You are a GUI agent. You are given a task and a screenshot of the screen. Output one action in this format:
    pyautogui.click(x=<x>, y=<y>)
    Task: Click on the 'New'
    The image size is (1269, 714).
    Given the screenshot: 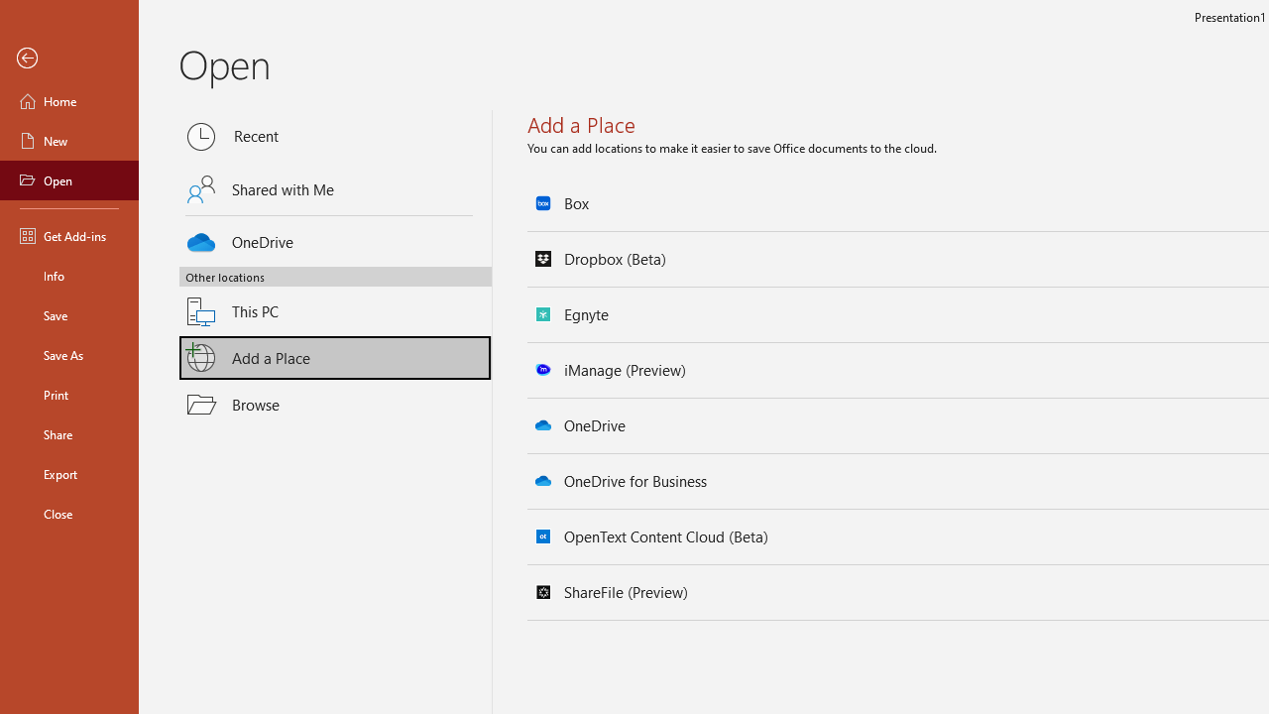 What is the action you would take?
    pyautogui.click(x=68, y=139)
    